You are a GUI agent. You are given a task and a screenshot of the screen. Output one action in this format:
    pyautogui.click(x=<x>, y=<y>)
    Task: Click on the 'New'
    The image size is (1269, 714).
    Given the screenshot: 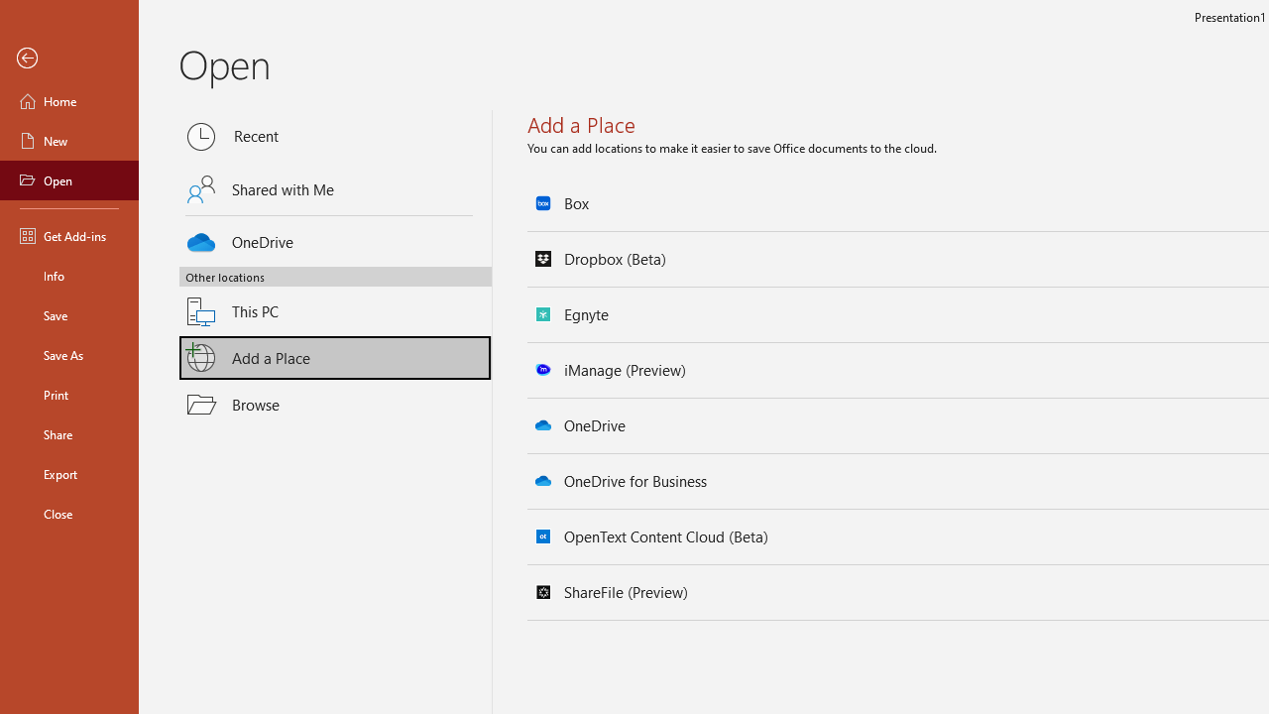 What is the action you would take?
    pyautogui.click(x=68, y=139)
    